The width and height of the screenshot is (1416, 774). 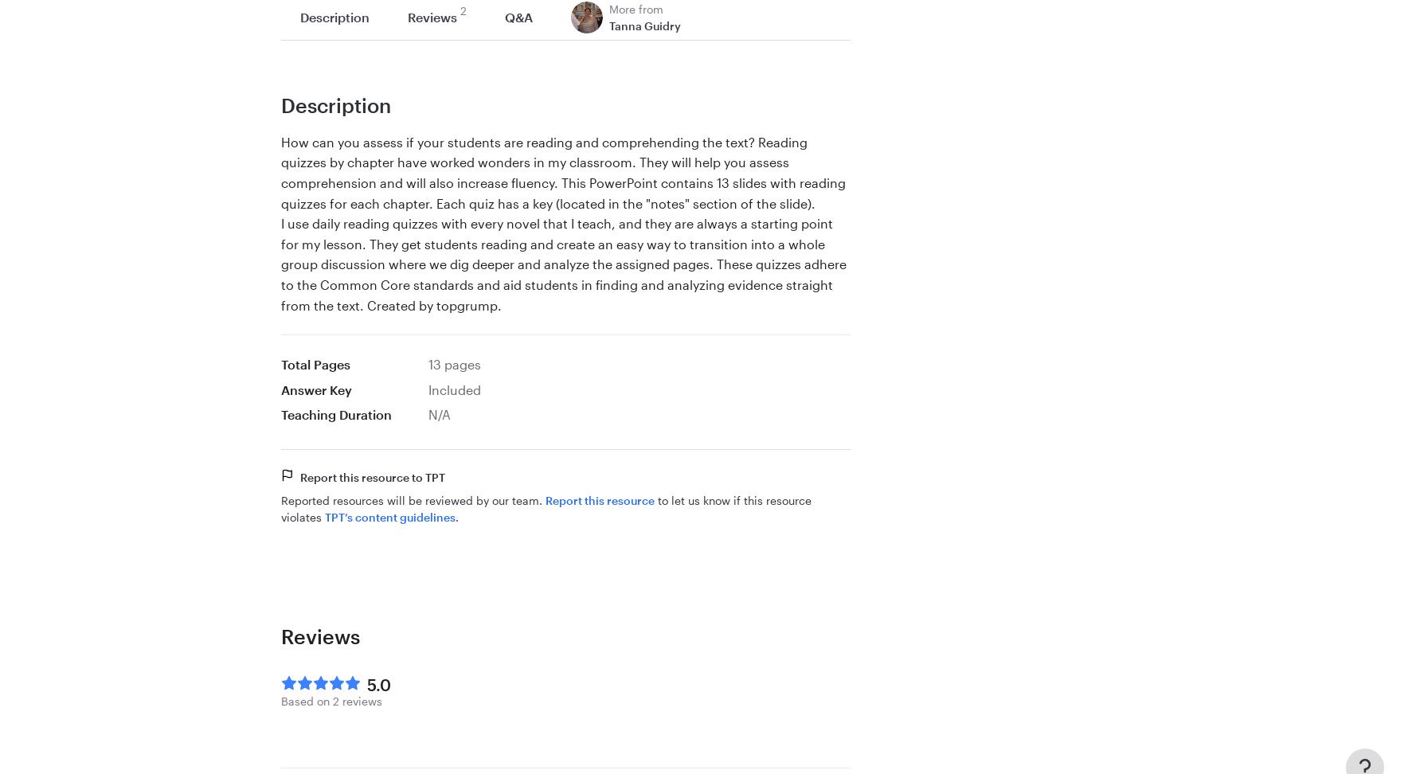 What do you see at coordinates (299, 475) in the screenshot?
I see `'Report this resource to TPT'` at bounding box center [299, 475].